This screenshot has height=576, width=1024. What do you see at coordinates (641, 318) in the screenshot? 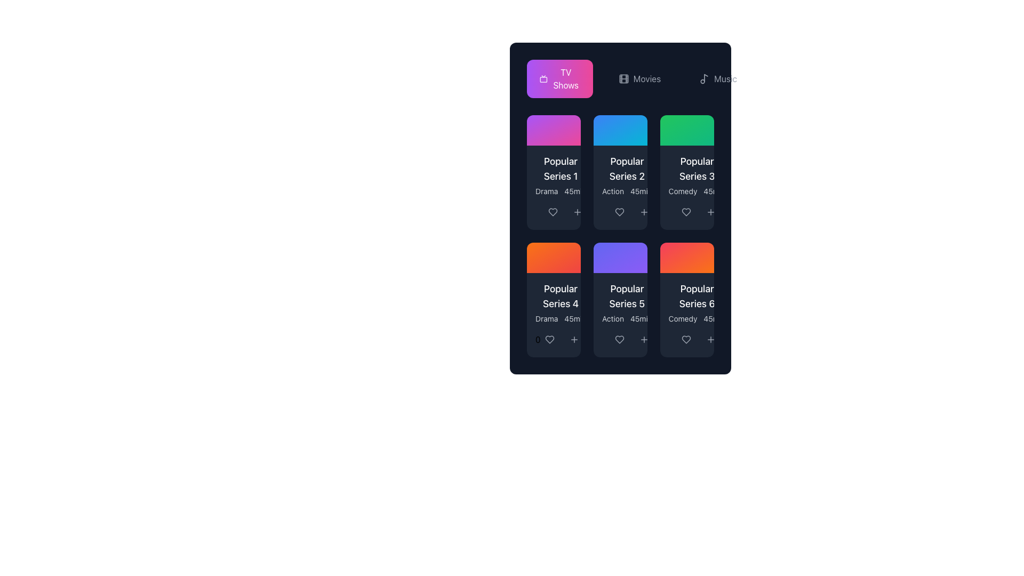
I see `text label indicating the duration of '45 minutes' located at the bottom of the card titled 'Popular Series 5' in the grid layout` at bounding box center [641, 318].